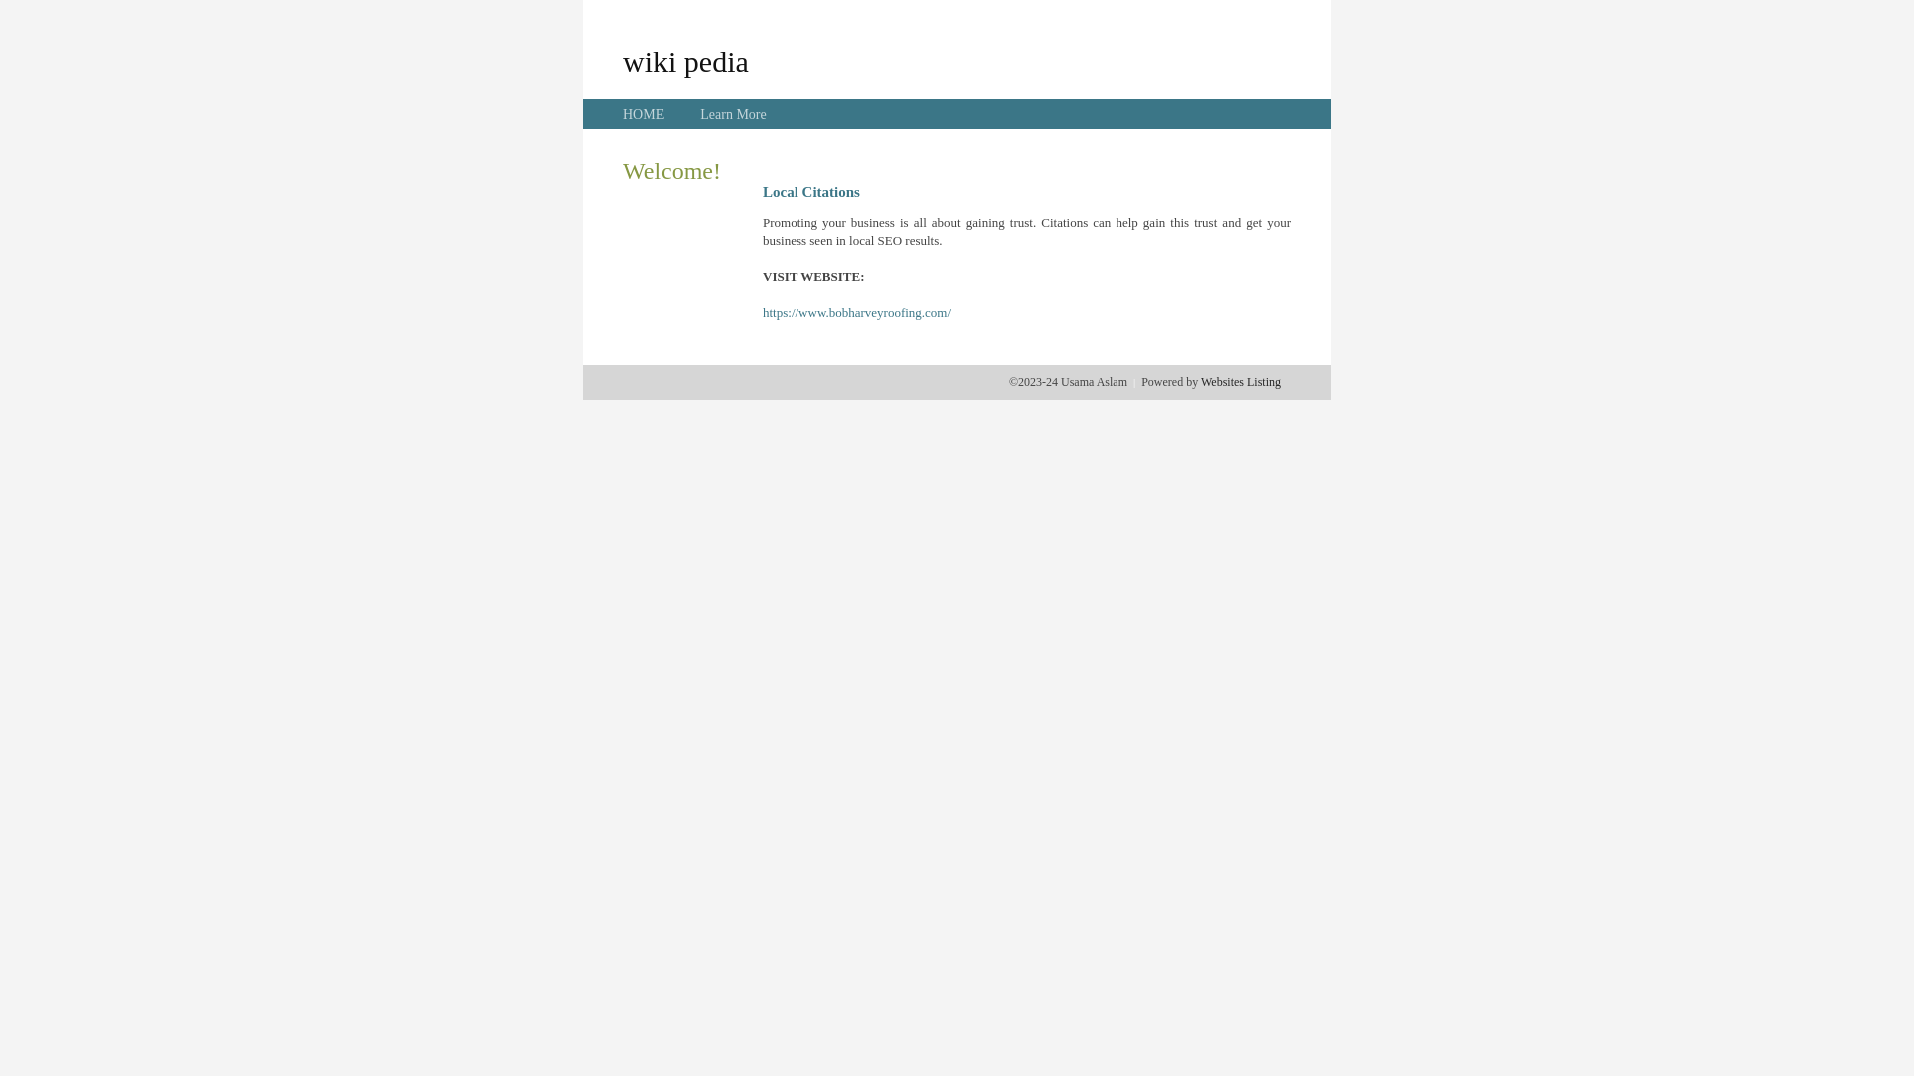 The height and width of the screenshot is (1076, 1914). What do you see at coordinates (731, 114) in the screenshot?
I see `'Learn More'` at bounding box center [731, 114].